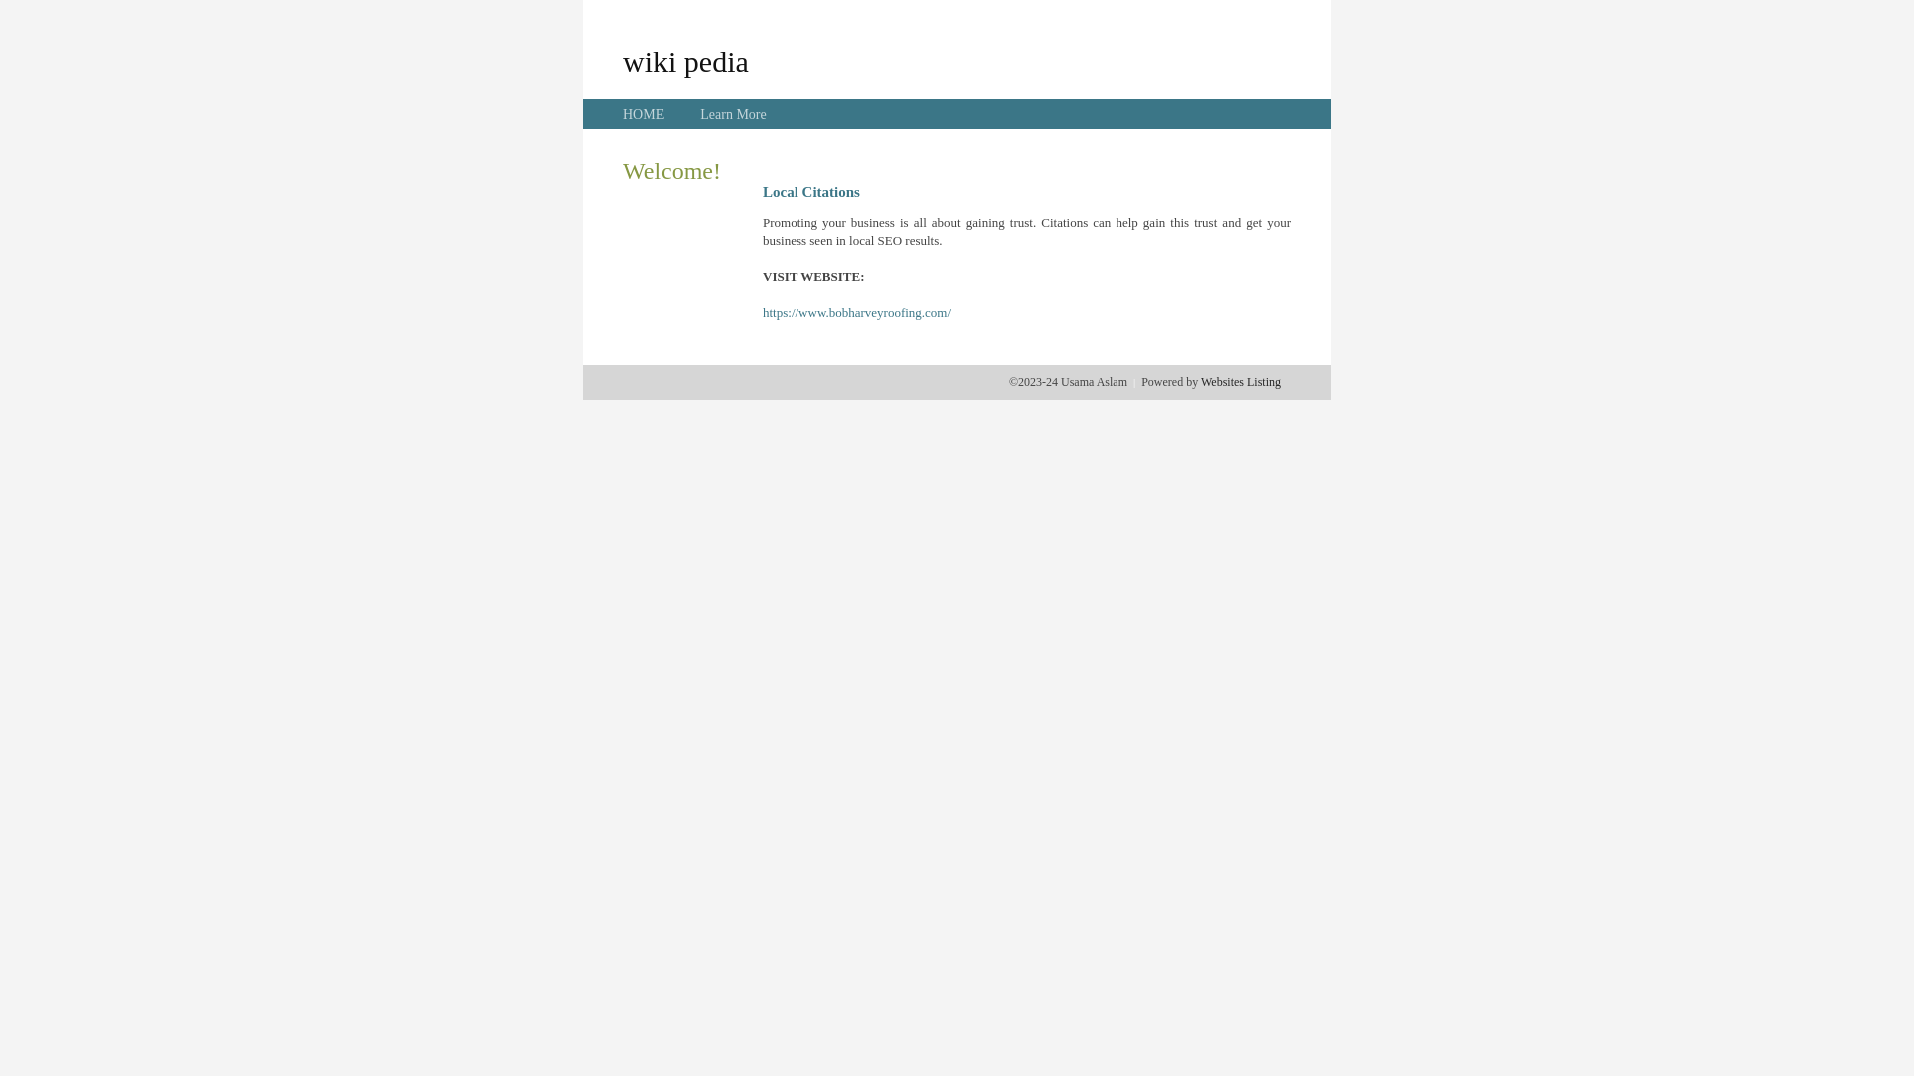 The height and width of the screenshot is (1076, 1914). What do you see at coordinates (731, 114) in the screenshot?
I see `'Learn More'` at bounding box center [731, 114].